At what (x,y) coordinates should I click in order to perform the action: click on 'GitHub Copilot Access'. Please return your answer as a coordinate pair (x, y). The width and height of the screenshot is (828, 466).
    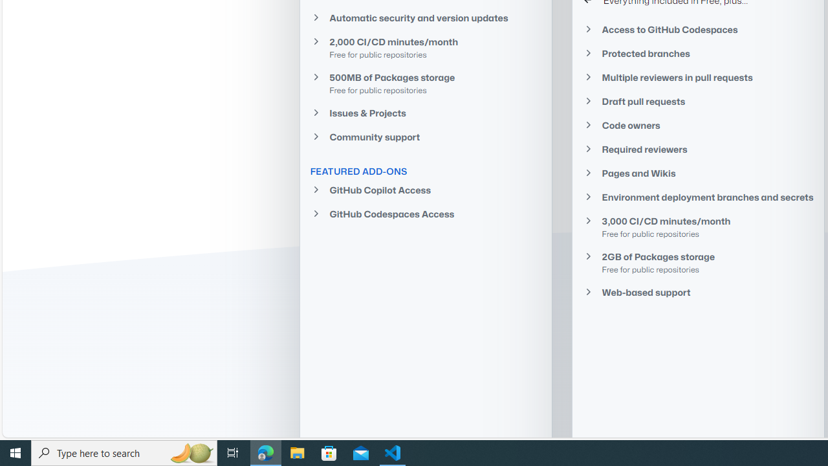
    Looking at the image, I should click on (425, 190).